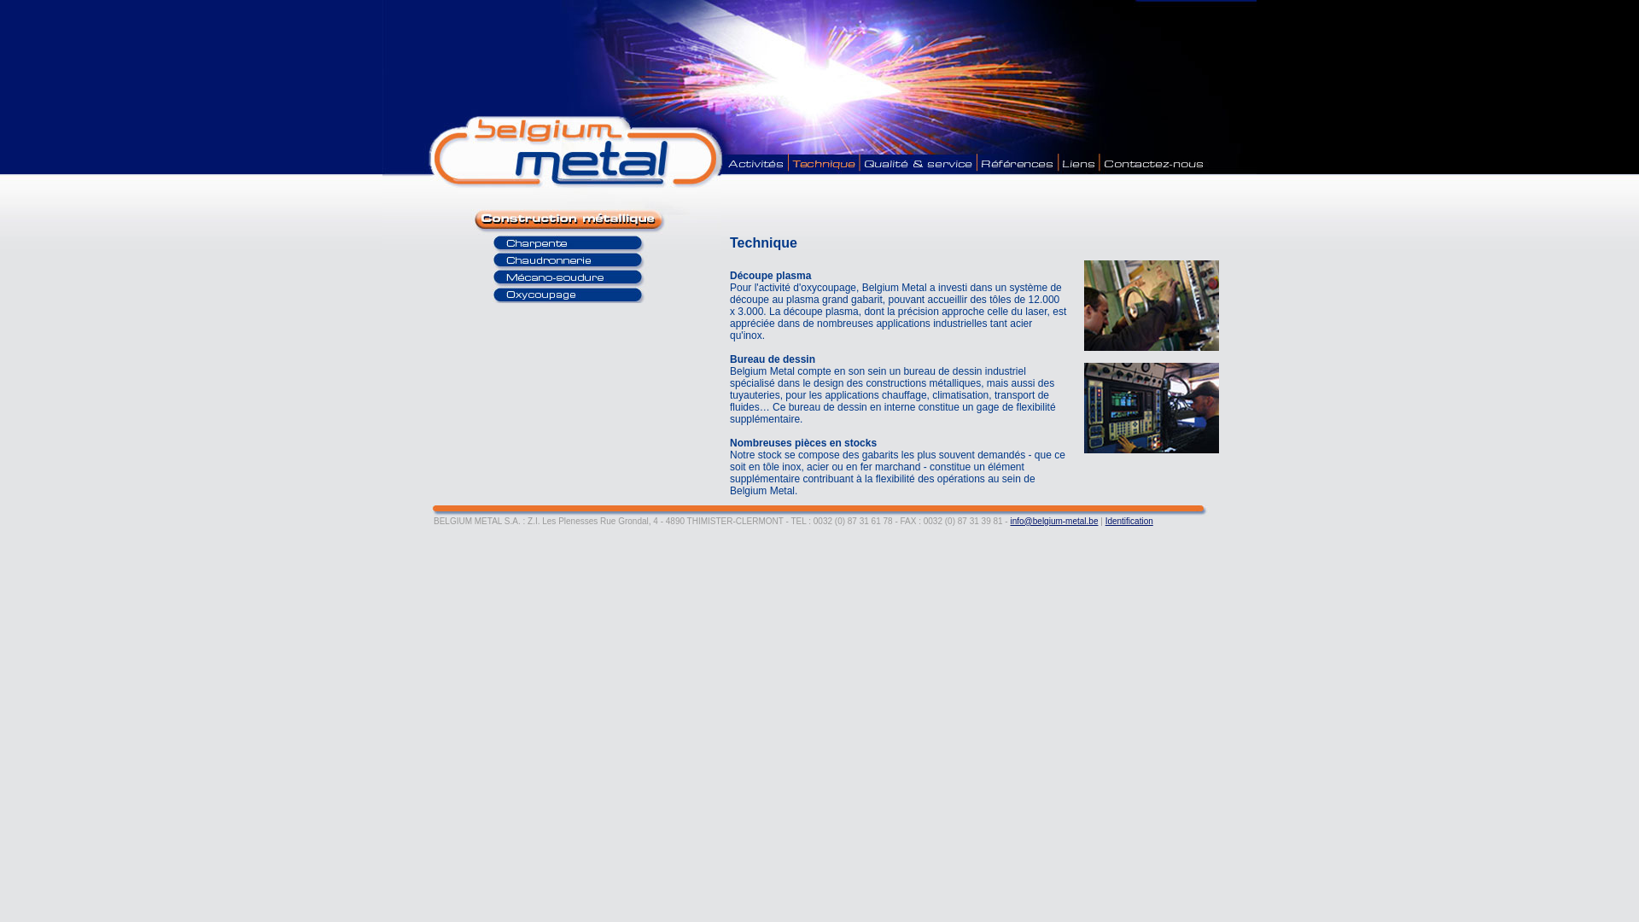 Image resolution: width=1639 pixels, height=922 pixels. I want to click on 'info@belgium-metal.be', so click(1053, 520).